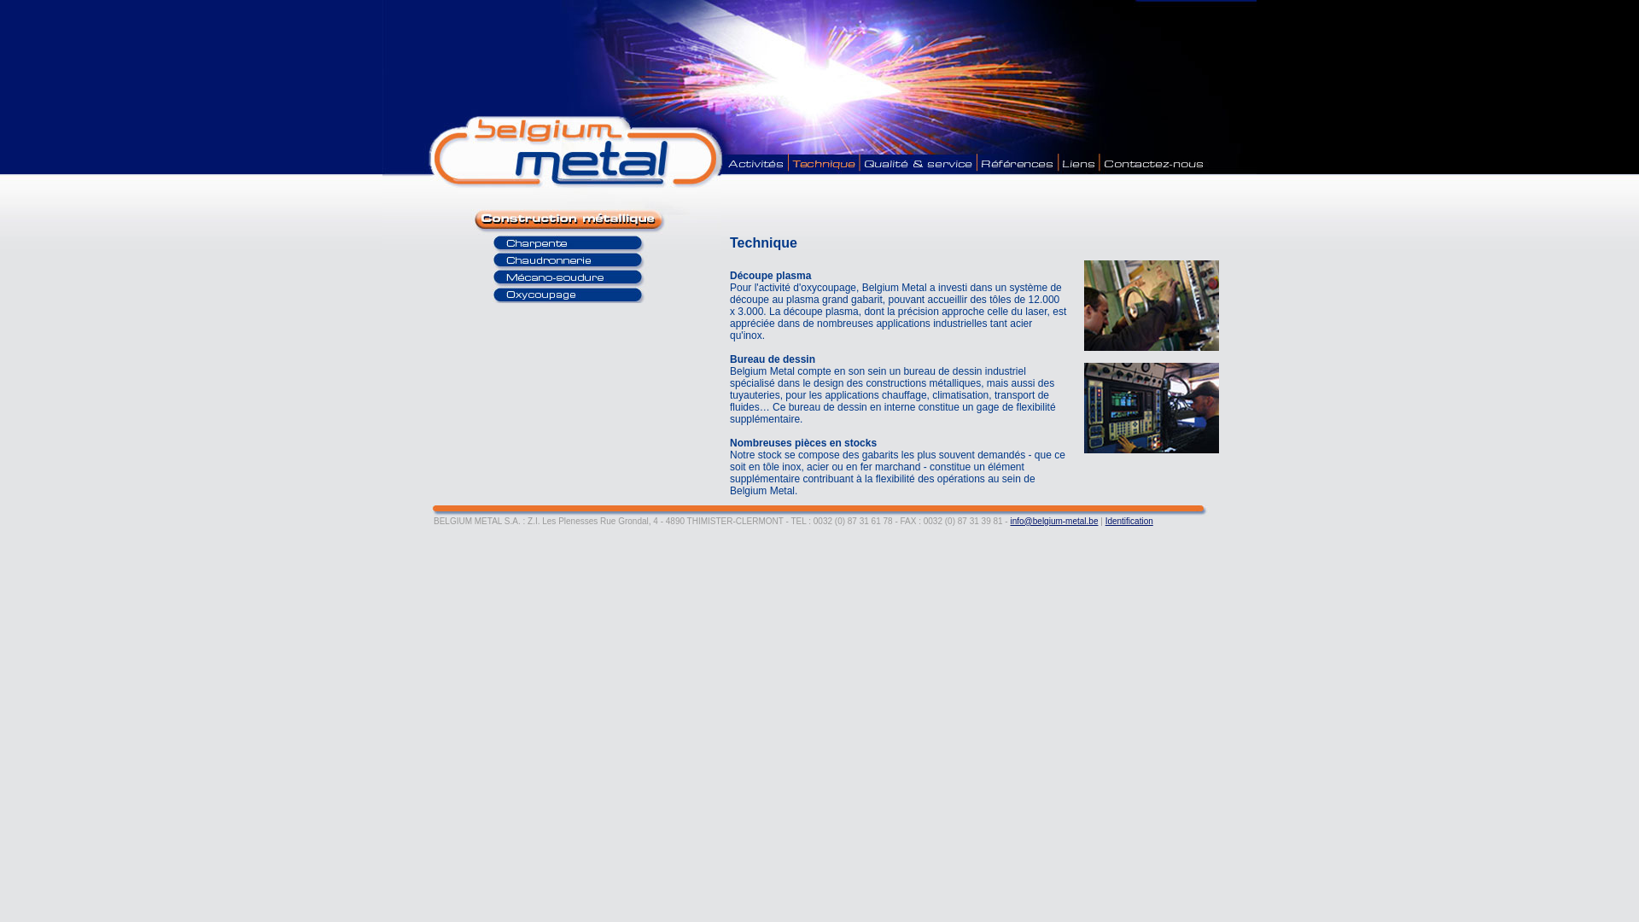 Image resolution: width=1639 pixels, height=922 pixels. I want to click on 'info@belgium-metal.be', so click(1053, 520).